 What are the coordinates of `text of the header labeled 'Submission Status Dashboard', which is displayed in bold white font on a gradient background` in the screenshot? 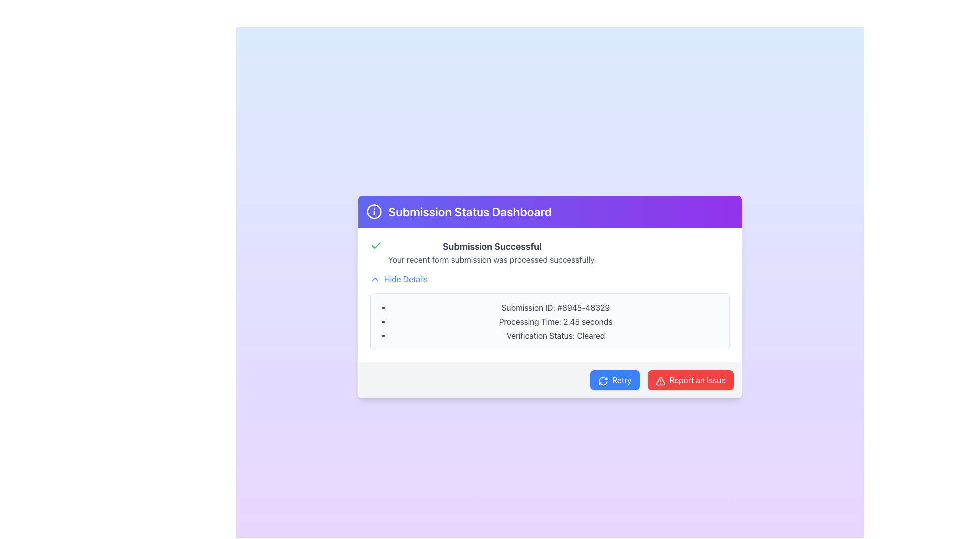 It's located at (469, 211).